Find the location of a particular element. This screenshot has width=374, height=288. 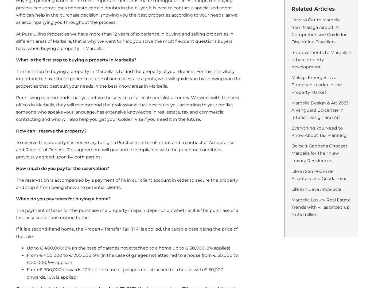

'The reservation is accompanied by a payment of 1% in our client account in order to secure the property and stop it from being shown to potential clients.' is located at coordinates (16, 184).